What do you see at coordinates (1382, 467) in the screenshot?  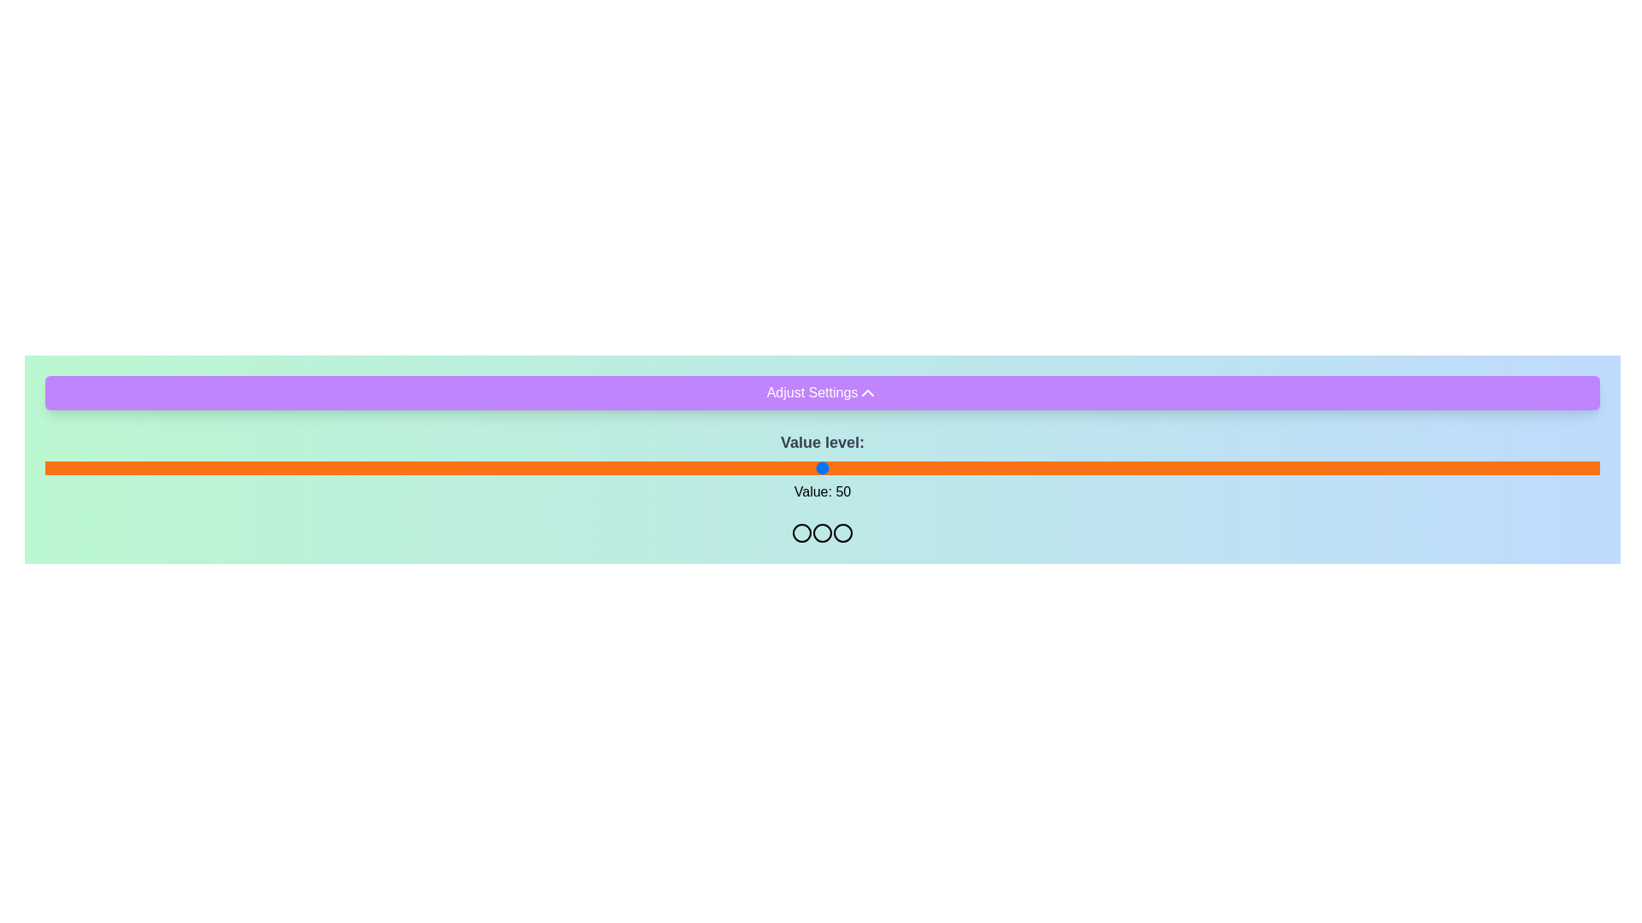 I see `the slider to set its value to 86` at bounding box center [1382, 467].